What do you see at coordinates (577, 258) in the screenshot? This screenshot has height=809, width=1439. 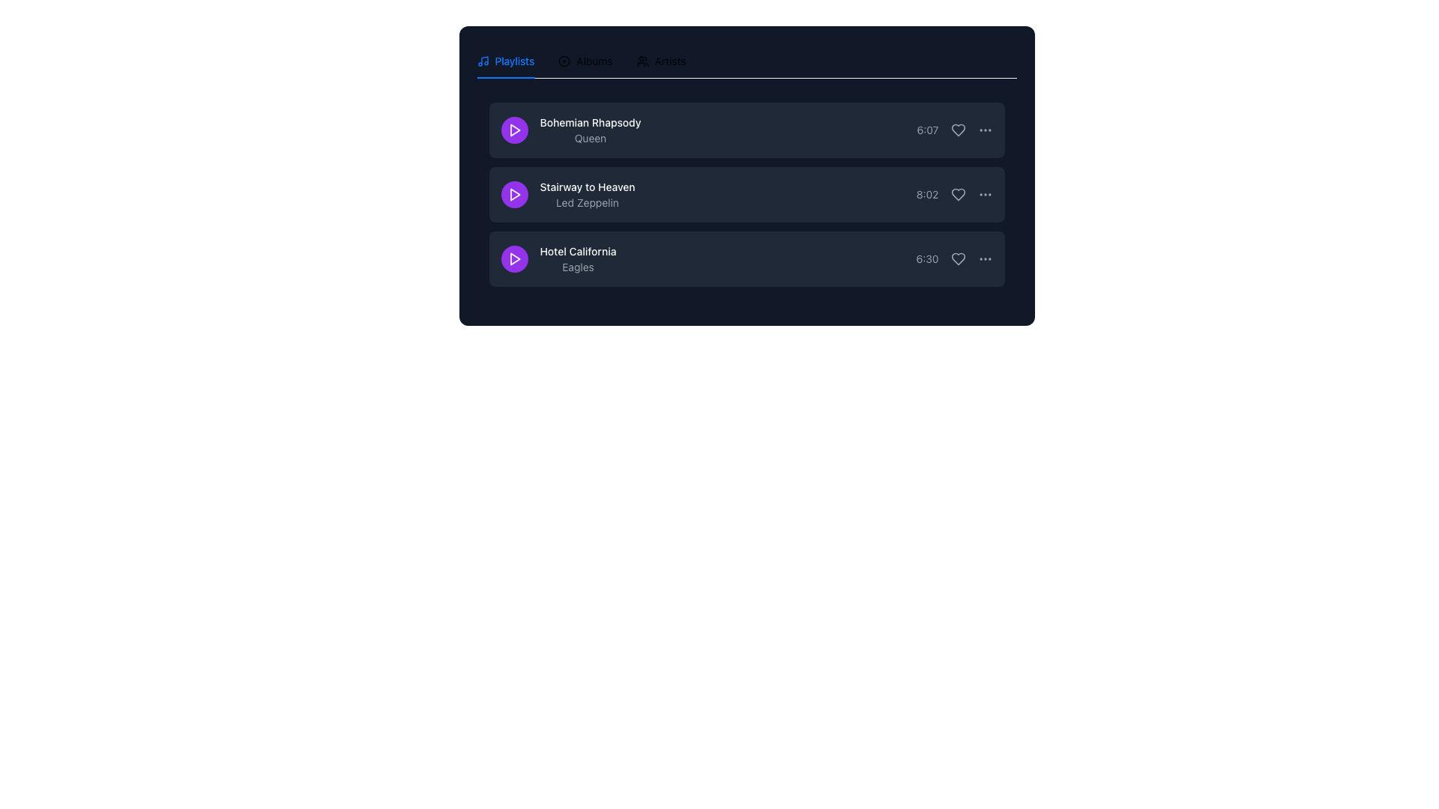 I see `the text label that displays the title and artist of the third music track in the list, positioned below 'Bohemian Rhapsody' and 'Stairway to Heaven'` at bounding box center [577, 258].